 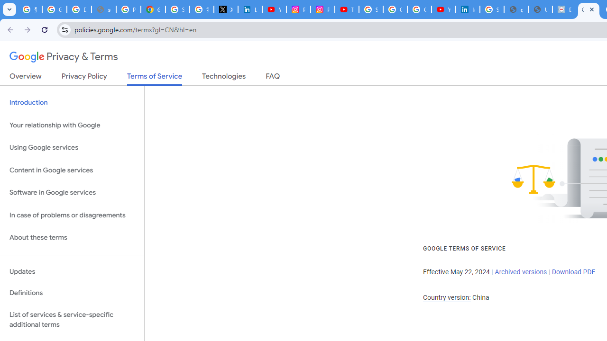 What do you see at coordinates (26, 78) in the screenshot?
I see `'Overview'` at bounding box center [26, 78].